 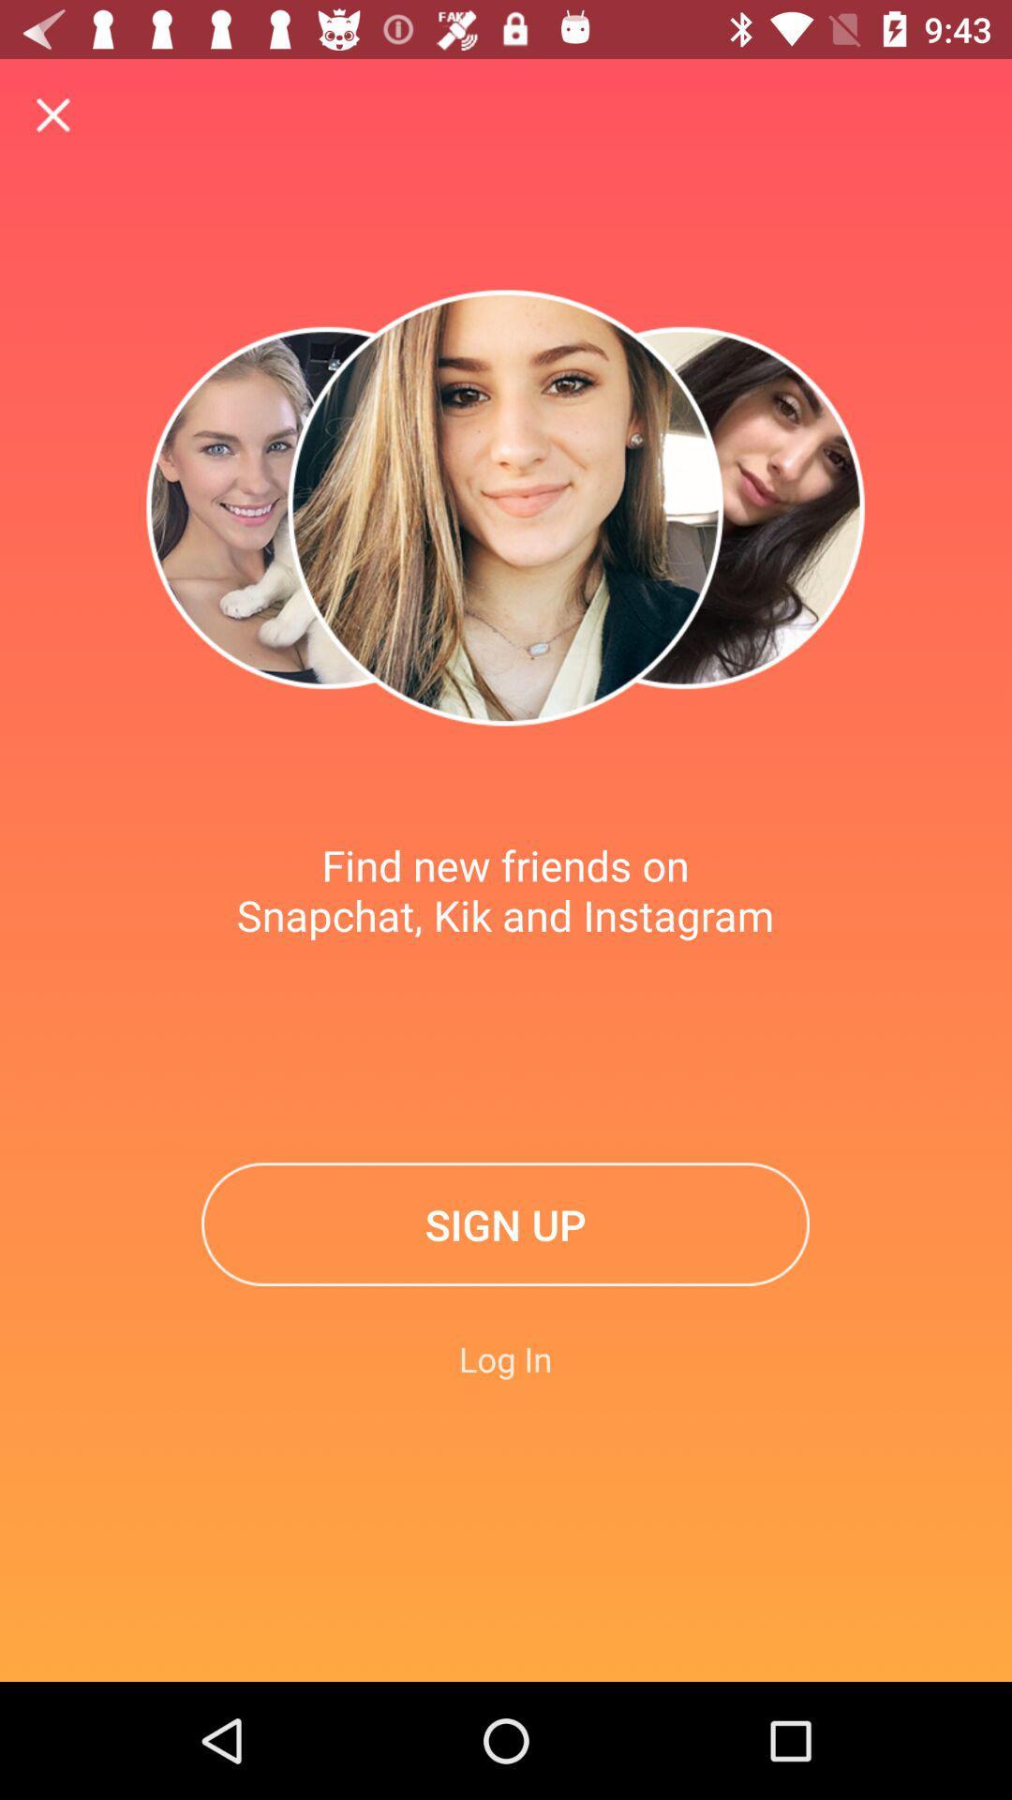 I want to click on the log in item, so click(x=504, y=1358).